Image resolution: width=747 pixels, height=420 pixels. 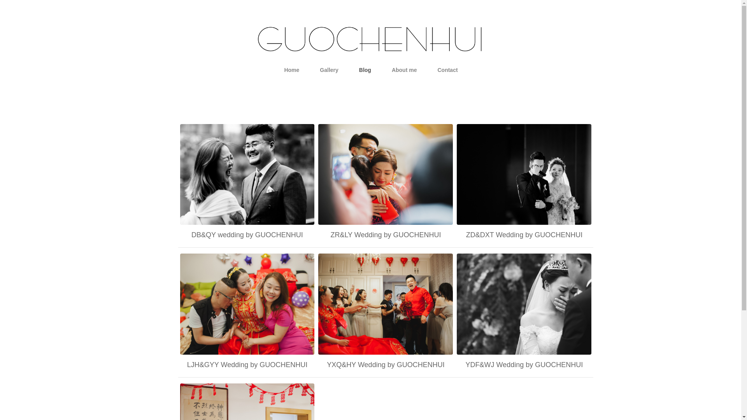 I want to click on 'LJH&GYY Wedding by GUOCHENHUI', so click(x=246, y=364).